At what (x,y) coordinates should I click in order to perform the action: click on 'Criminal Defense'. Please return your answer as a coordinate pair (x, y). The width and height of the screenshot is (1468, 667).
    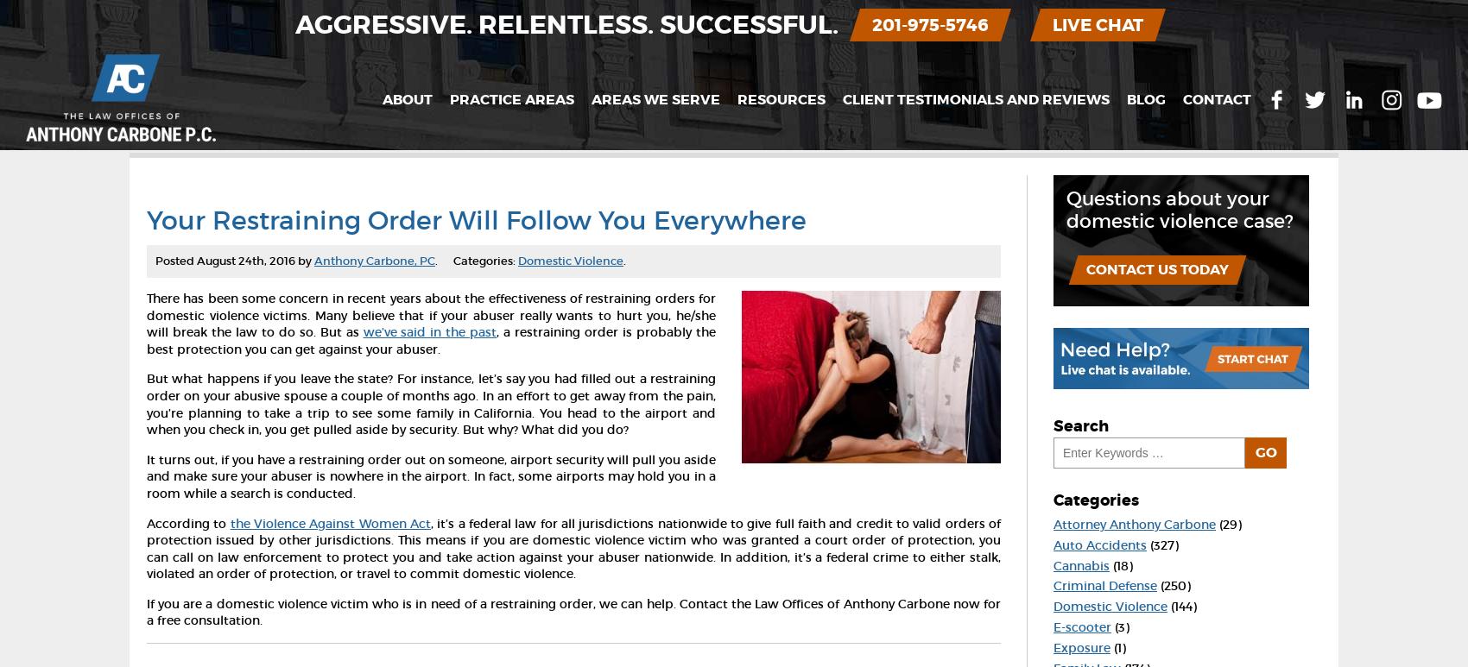
    Looking at the image, I should click on (1104, 585).